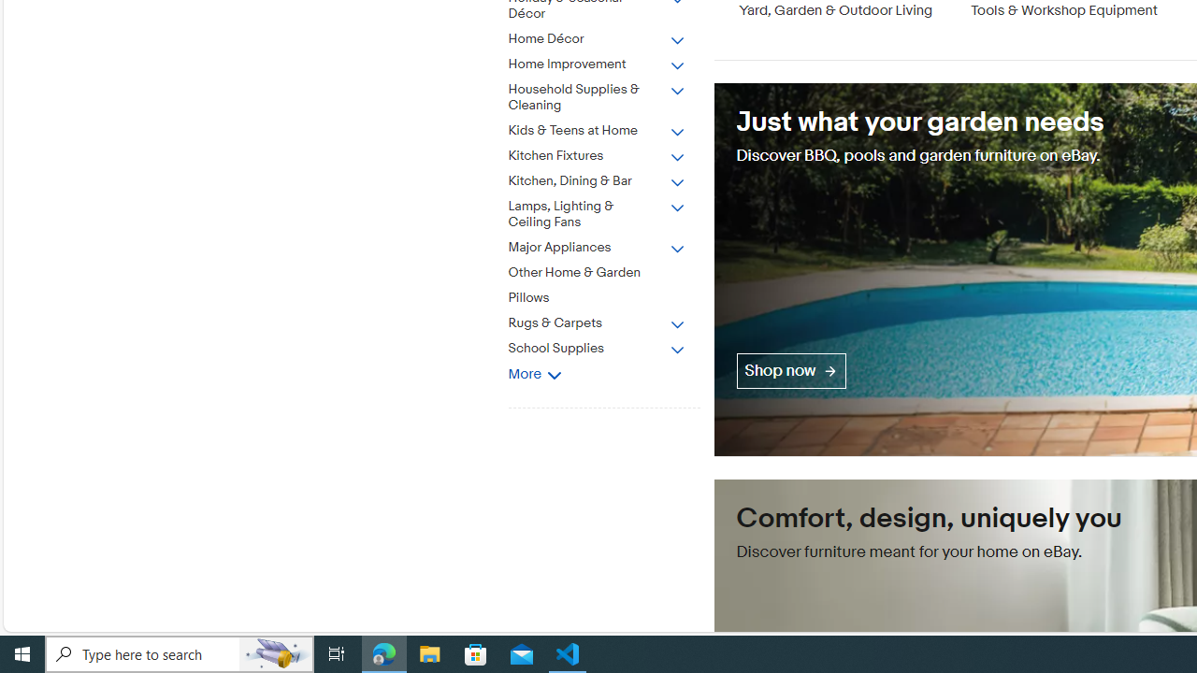 The width and height of the screenshot is (1197, 673). I want to click on 'Kids & Teens at Home', so click(596, 130).